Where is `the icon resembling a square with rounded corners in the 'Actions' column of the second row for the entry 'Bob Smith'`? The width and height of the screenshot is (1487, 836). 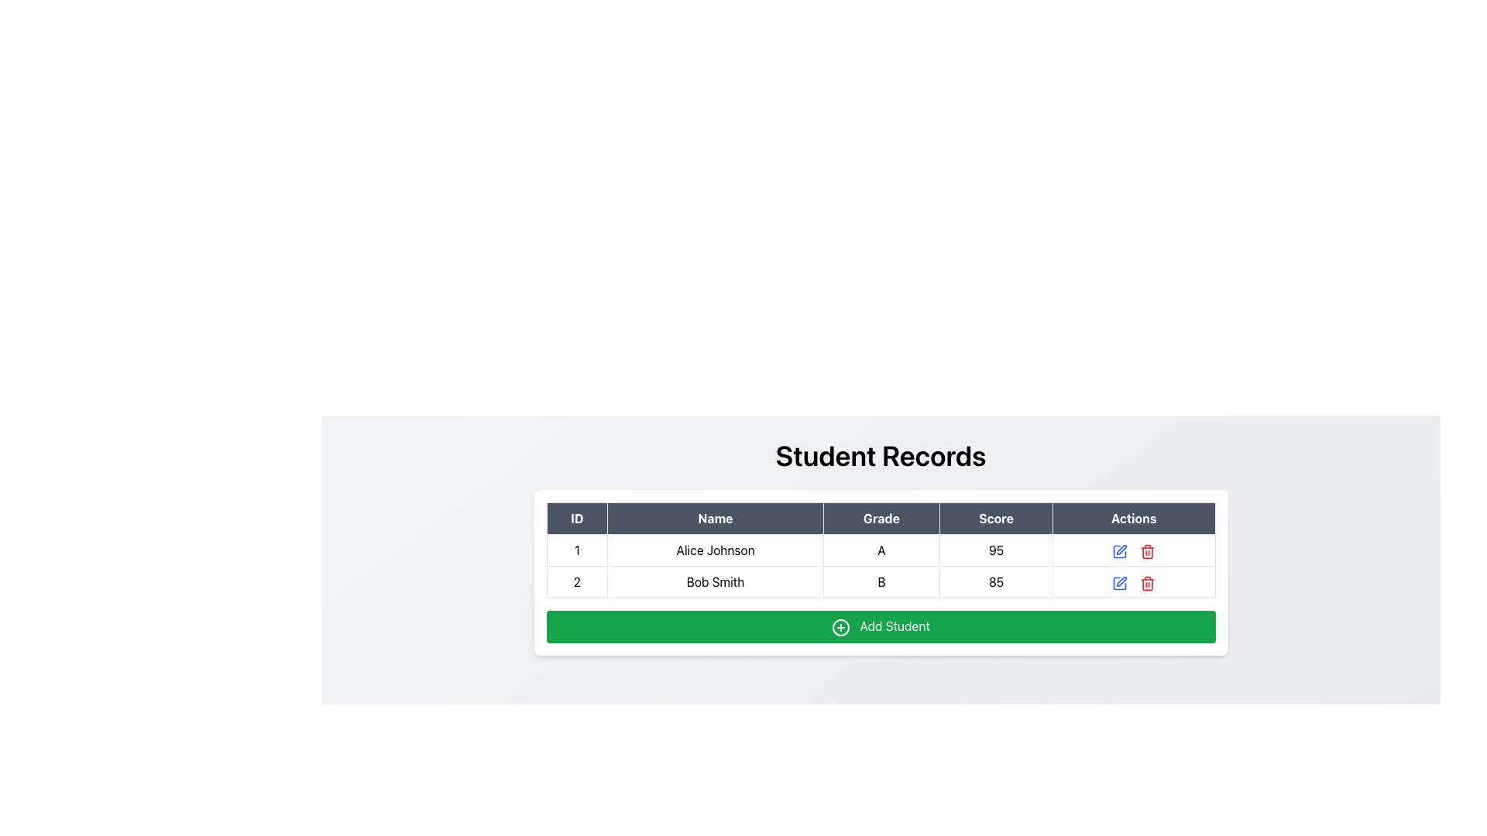
the icon resembling a square with rounded corners in the 'Actions' column of the second row for the entry 'Bob Smith' is located at coordinates (1120, 550).